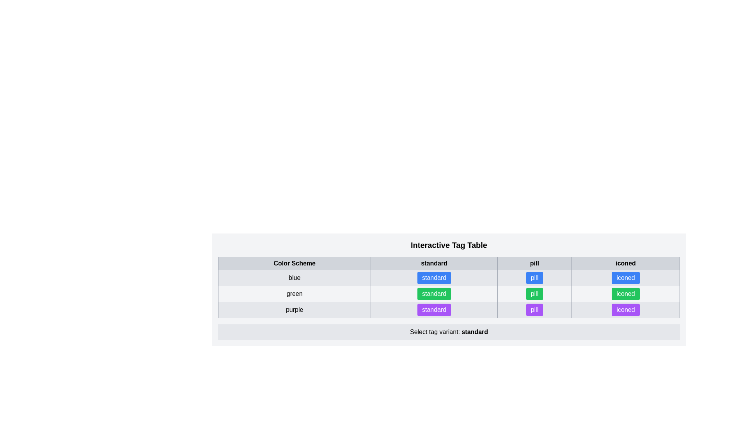 The width and height of the screenshot is (749, 421). I want to click on the button labeled 'standard' with a purple background in the 'Interactive Tag Table', so click(434, 309).